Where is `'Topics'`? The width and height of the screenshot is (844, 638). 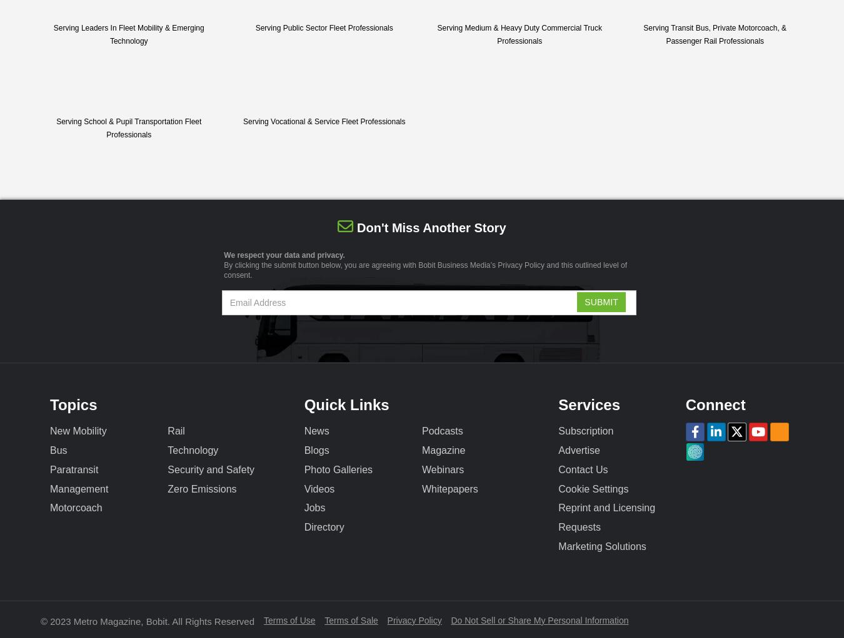 'Topics' is located at coordinates (73, 404).